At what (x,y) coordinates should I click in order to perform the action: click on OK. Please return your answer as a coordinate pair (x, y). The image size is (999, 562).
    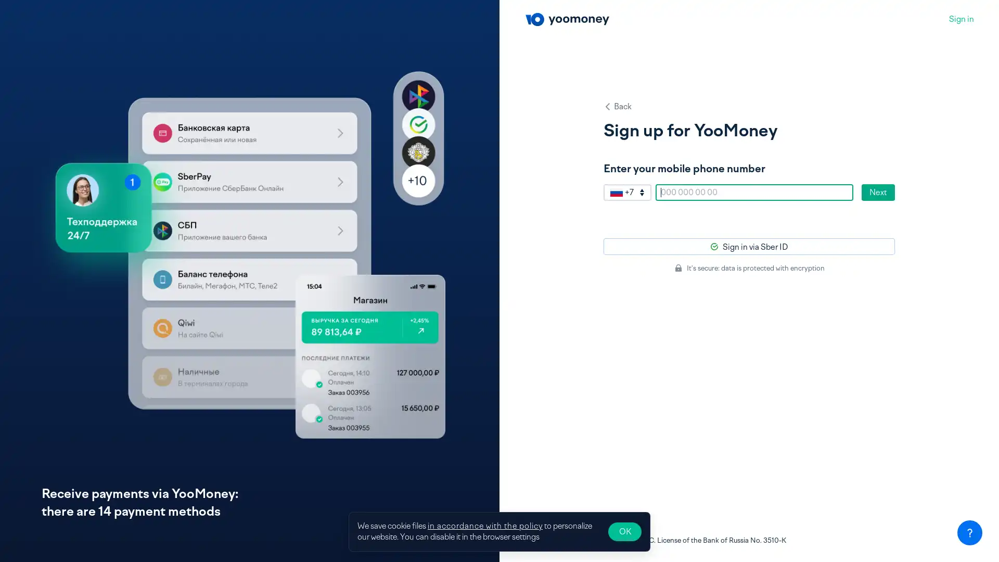
    Looking at the image, I should click on (624, 532).